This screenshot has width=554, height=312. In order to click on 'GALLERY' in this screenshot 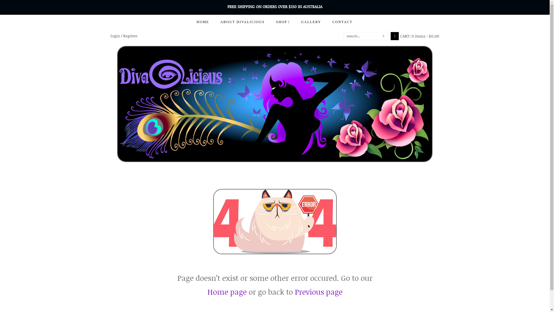, I will do `click(311, 22)`.